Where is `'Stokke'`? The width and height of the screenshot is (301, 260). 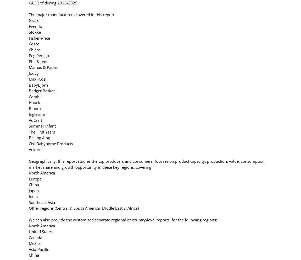
'Stokke' is located at coordinates (35, 32).